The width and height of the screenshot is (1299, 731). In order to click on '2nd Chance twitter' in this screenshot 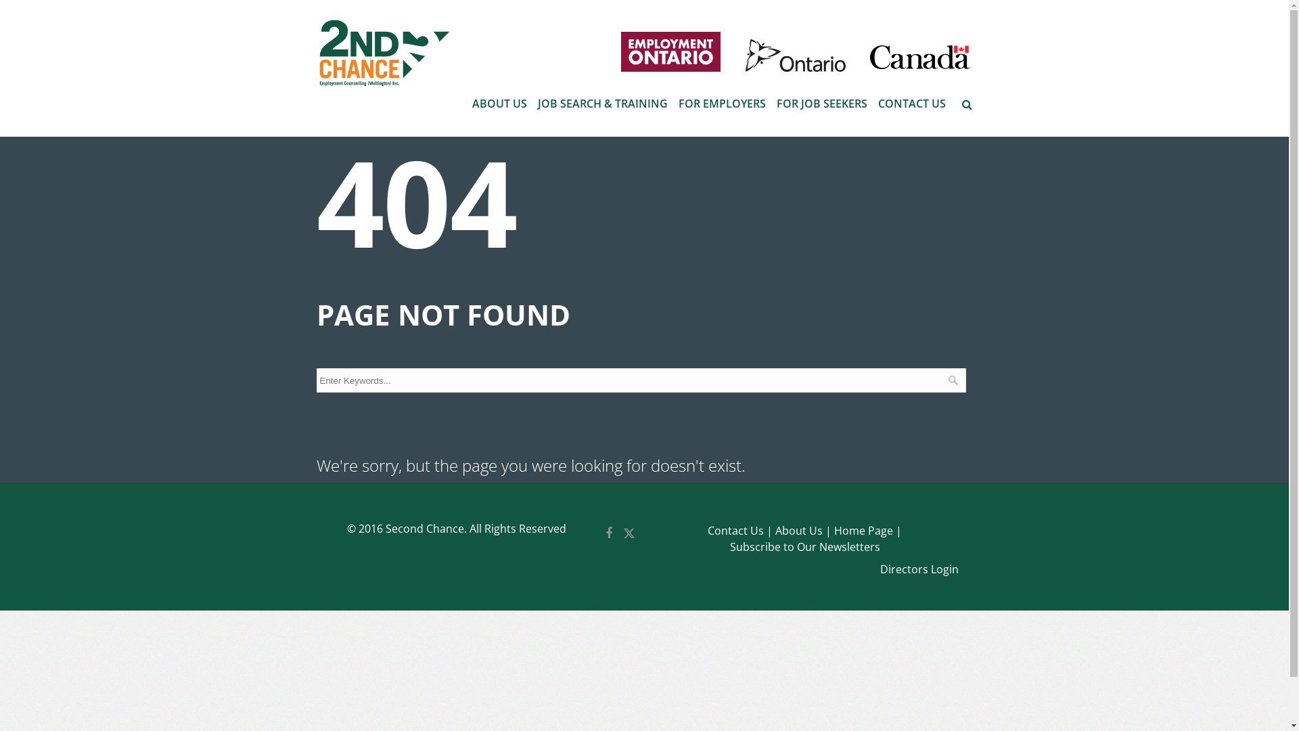, I will do `click(629, 534)`.